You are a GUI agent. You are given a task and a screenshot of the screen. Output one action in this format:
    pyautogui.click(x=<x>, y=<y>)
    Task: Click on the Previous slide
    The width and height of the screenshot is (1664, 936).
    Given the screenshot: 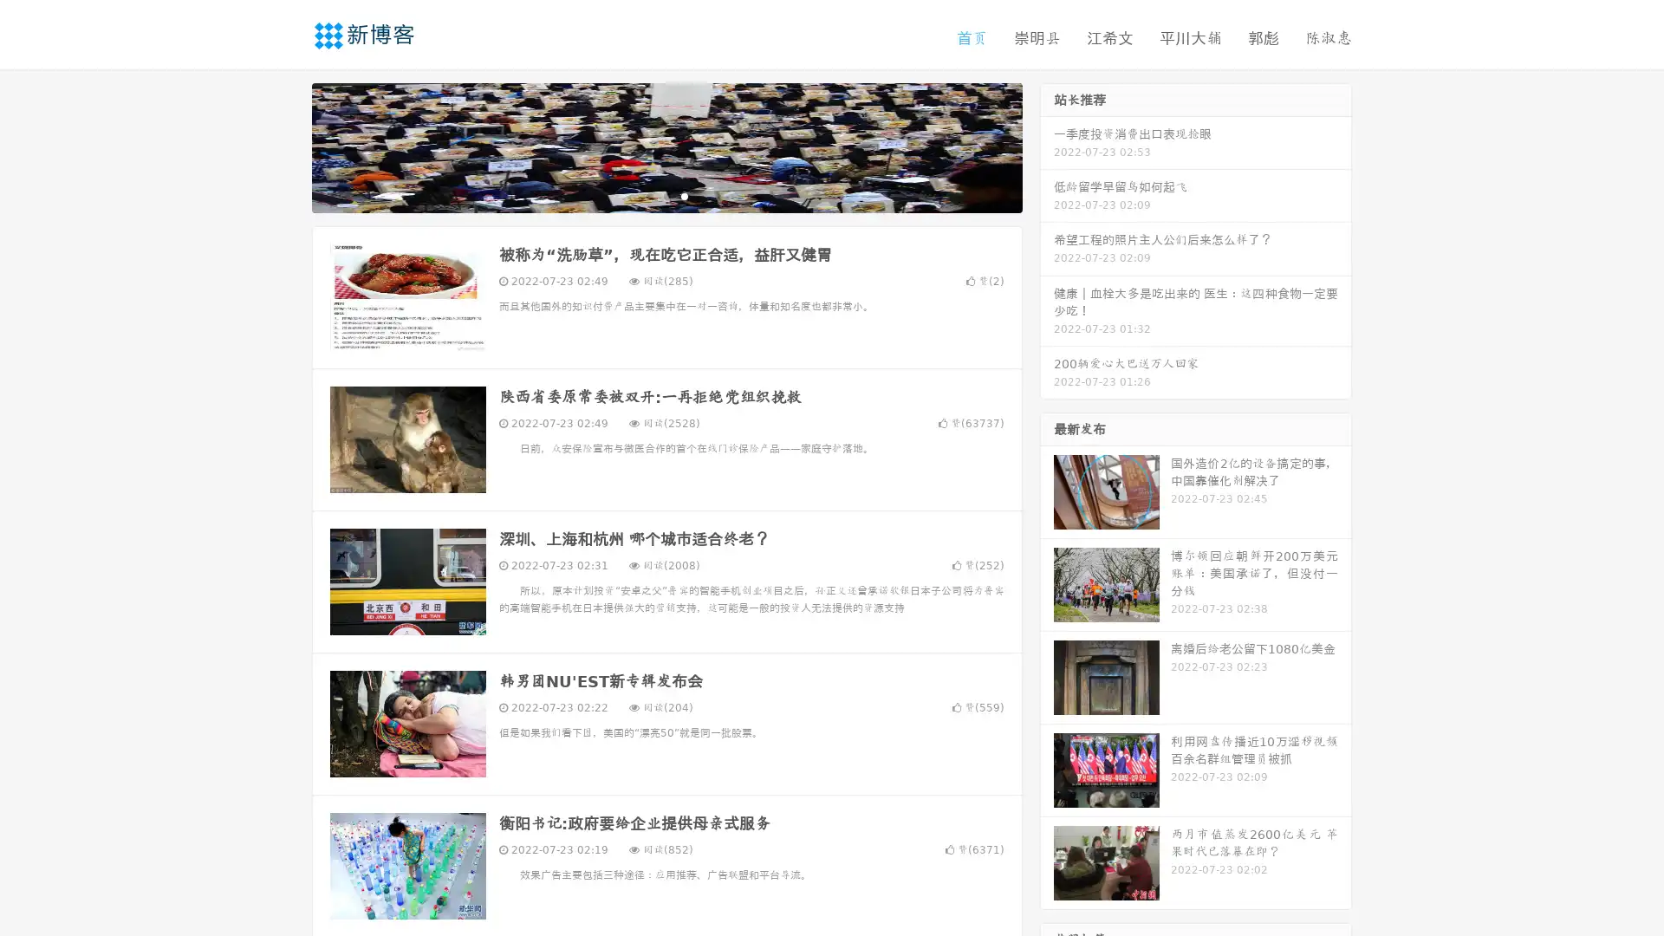 What is the action you would take?
    pyautogui.click(x=286, y=146)
    